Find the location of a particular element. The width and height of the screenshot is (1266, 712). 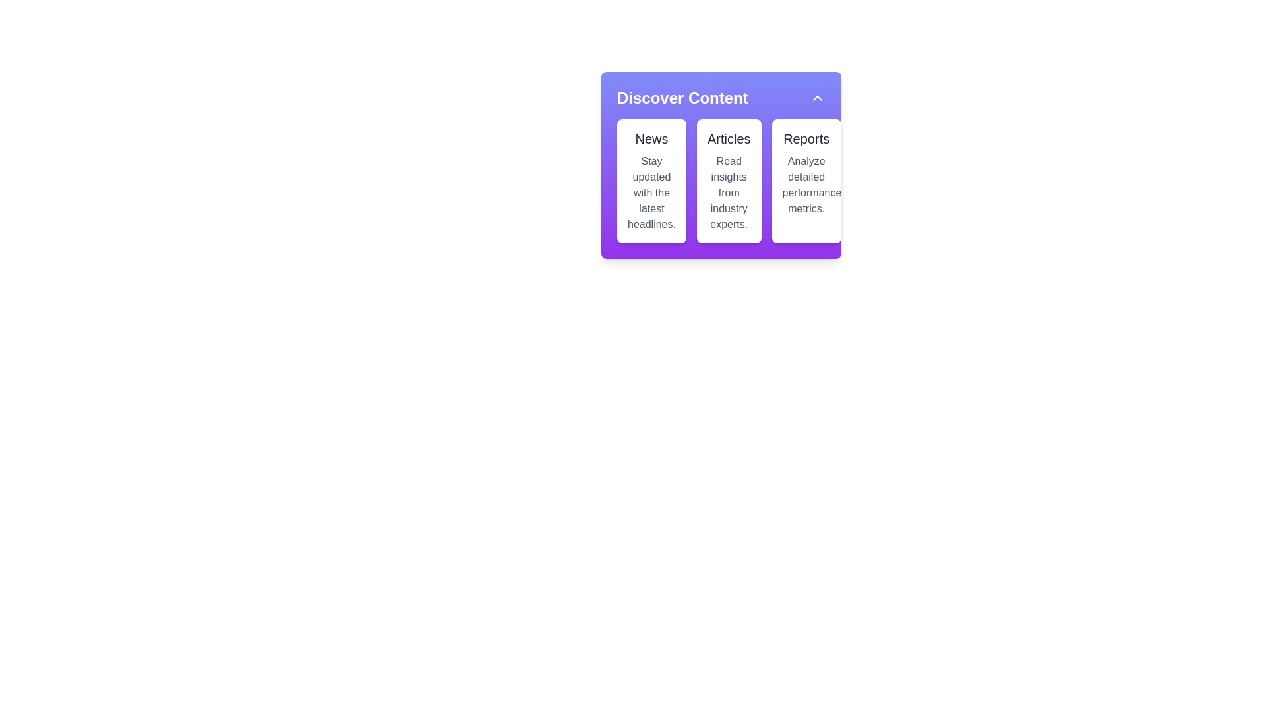

text element that states 'Analyze detailed performance metrics.' which is located within a white rectangular tile in the purple modal titled 'Discover Content.' is located at coordinates (806, 185).